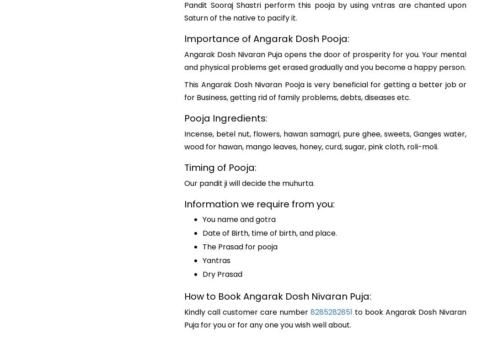 Image resolution: width=503 pixels, height=338 pixels. I want to click on 'Dry Prasad', so click(222, 274).